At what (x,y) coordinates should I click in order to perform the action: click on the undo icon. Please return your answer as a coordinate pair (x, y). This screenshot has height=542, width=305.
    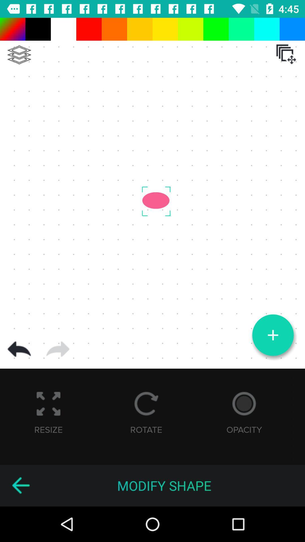
    Looking at the image, I should click on (19, 349).